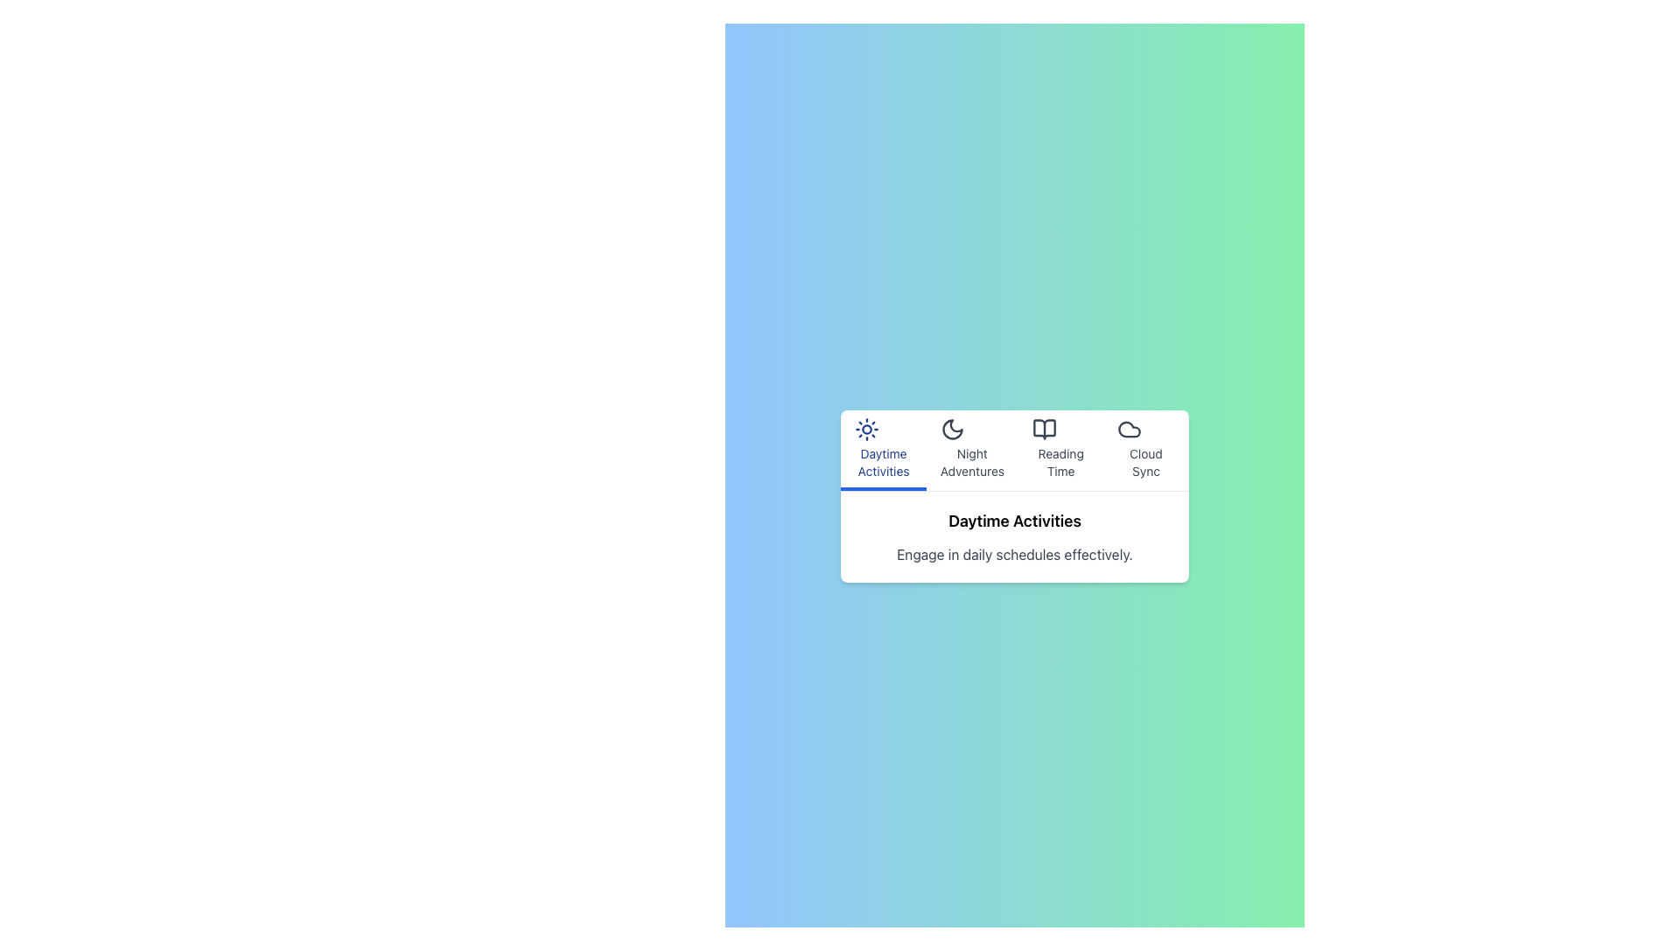 This screenshot has width=1680, height=945. Describe the element at coordinates (884, 461) in the screenshot. I see `the text label indicating daytime activities in the navigation bar` at that location.